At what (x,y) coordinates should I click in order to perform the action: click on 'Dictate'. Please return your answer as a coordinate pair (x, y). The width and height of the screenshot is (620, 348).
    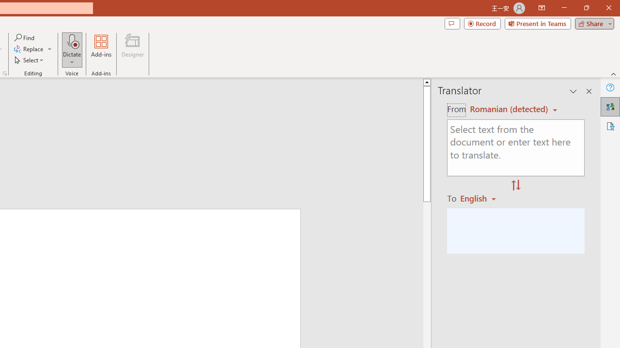
    Looking at the image, I should click on (72, 50).